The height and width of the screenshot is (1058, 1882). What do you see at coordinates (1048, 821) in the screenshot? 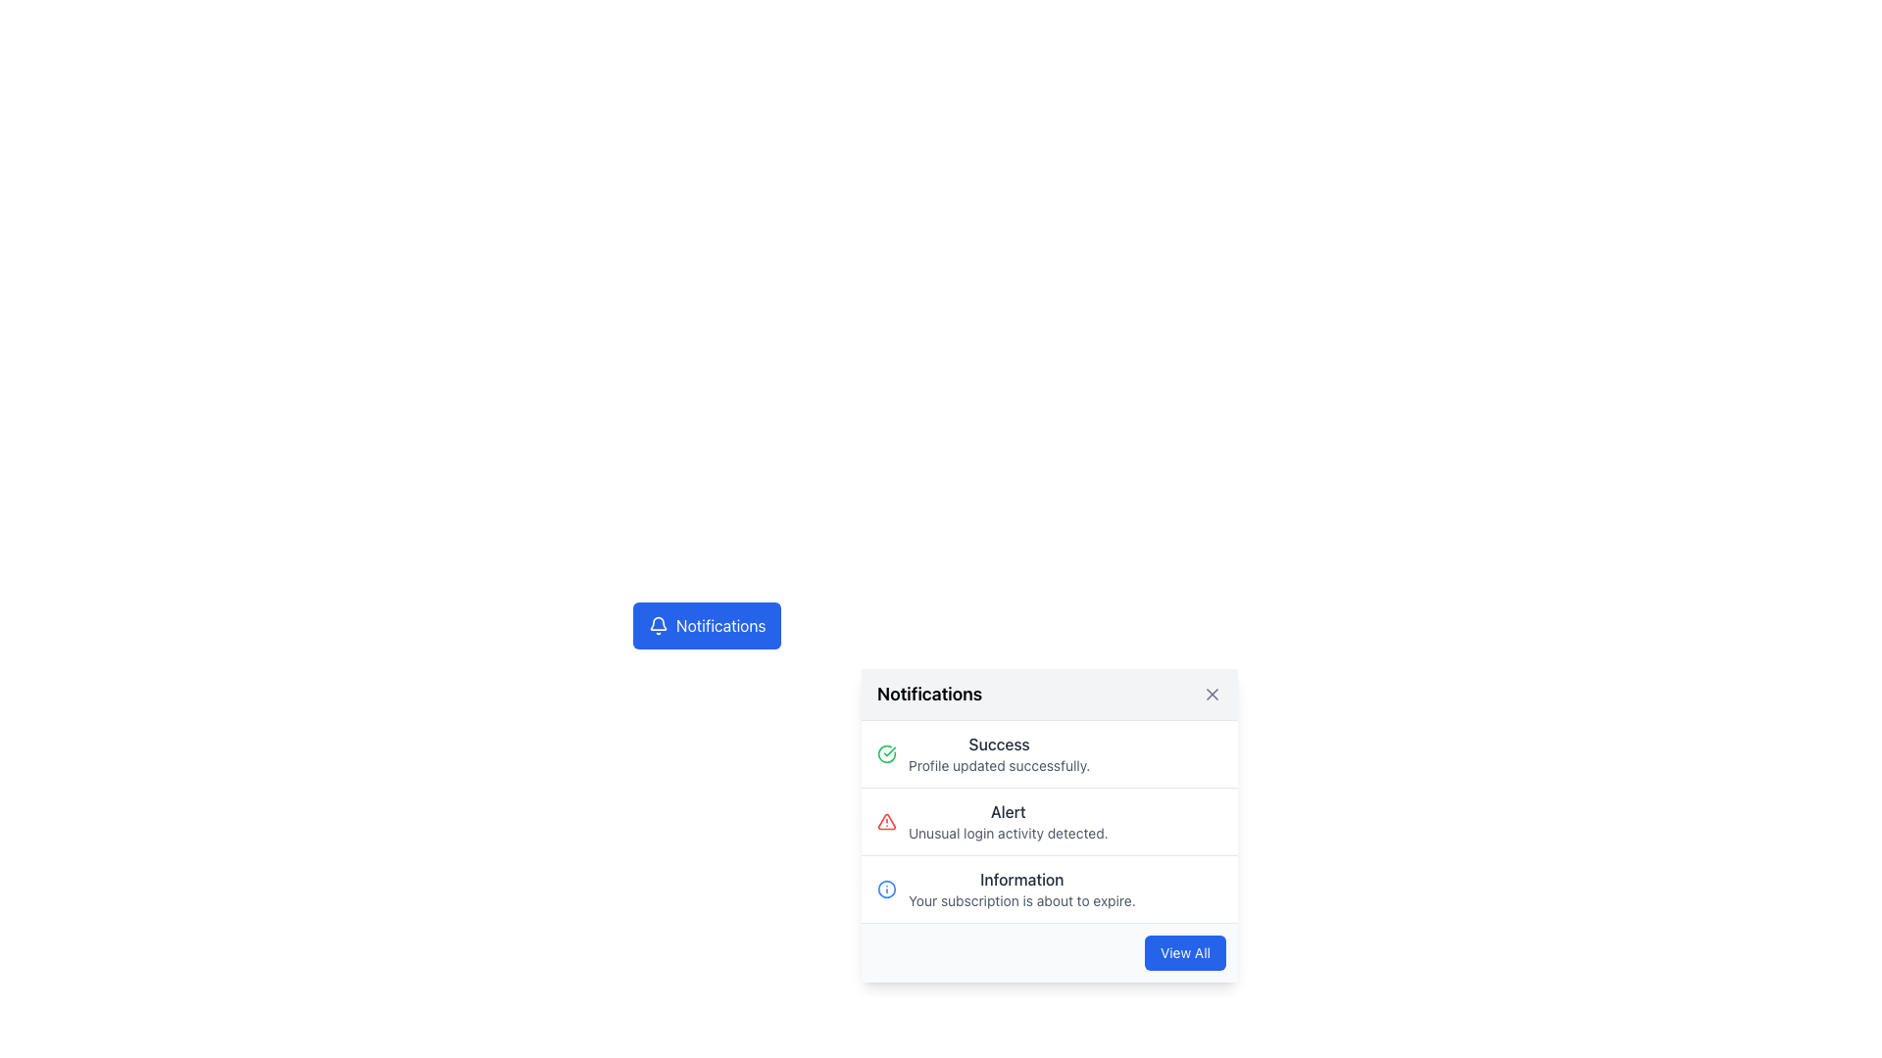
I see `the second notification item in the notification list that states 'Alert' in bold with the message 'Unusual login activity detected.'` at bounding box center [1048, 821].